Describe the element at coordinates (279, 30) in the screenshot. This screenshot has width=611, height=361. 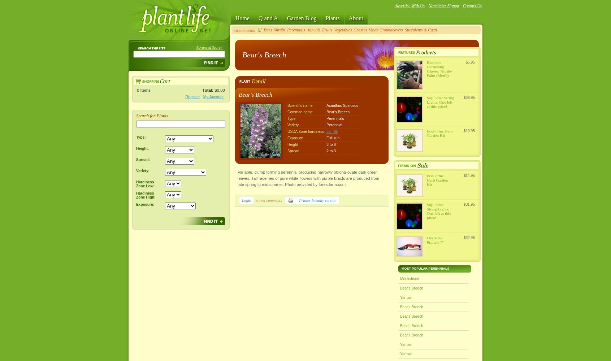
I see `'Shrubs'` at that location.